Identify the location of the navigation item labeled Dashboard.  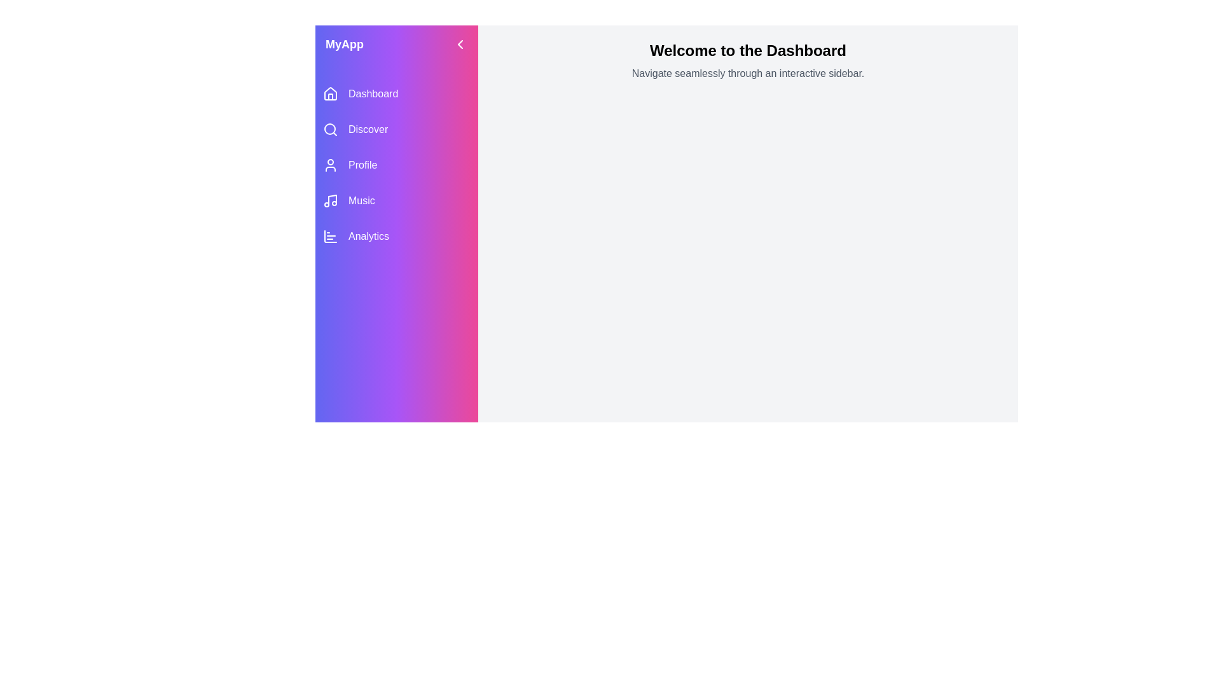
(396, 93).